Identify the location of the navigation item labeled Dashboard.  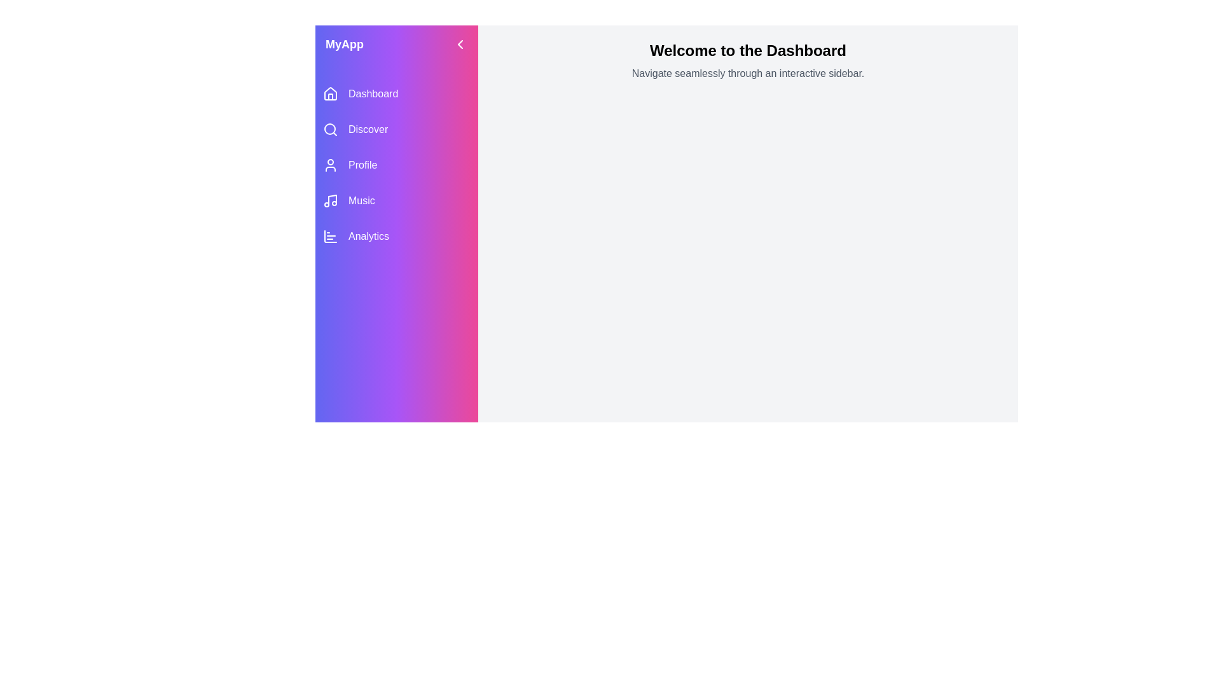
(396, 93).